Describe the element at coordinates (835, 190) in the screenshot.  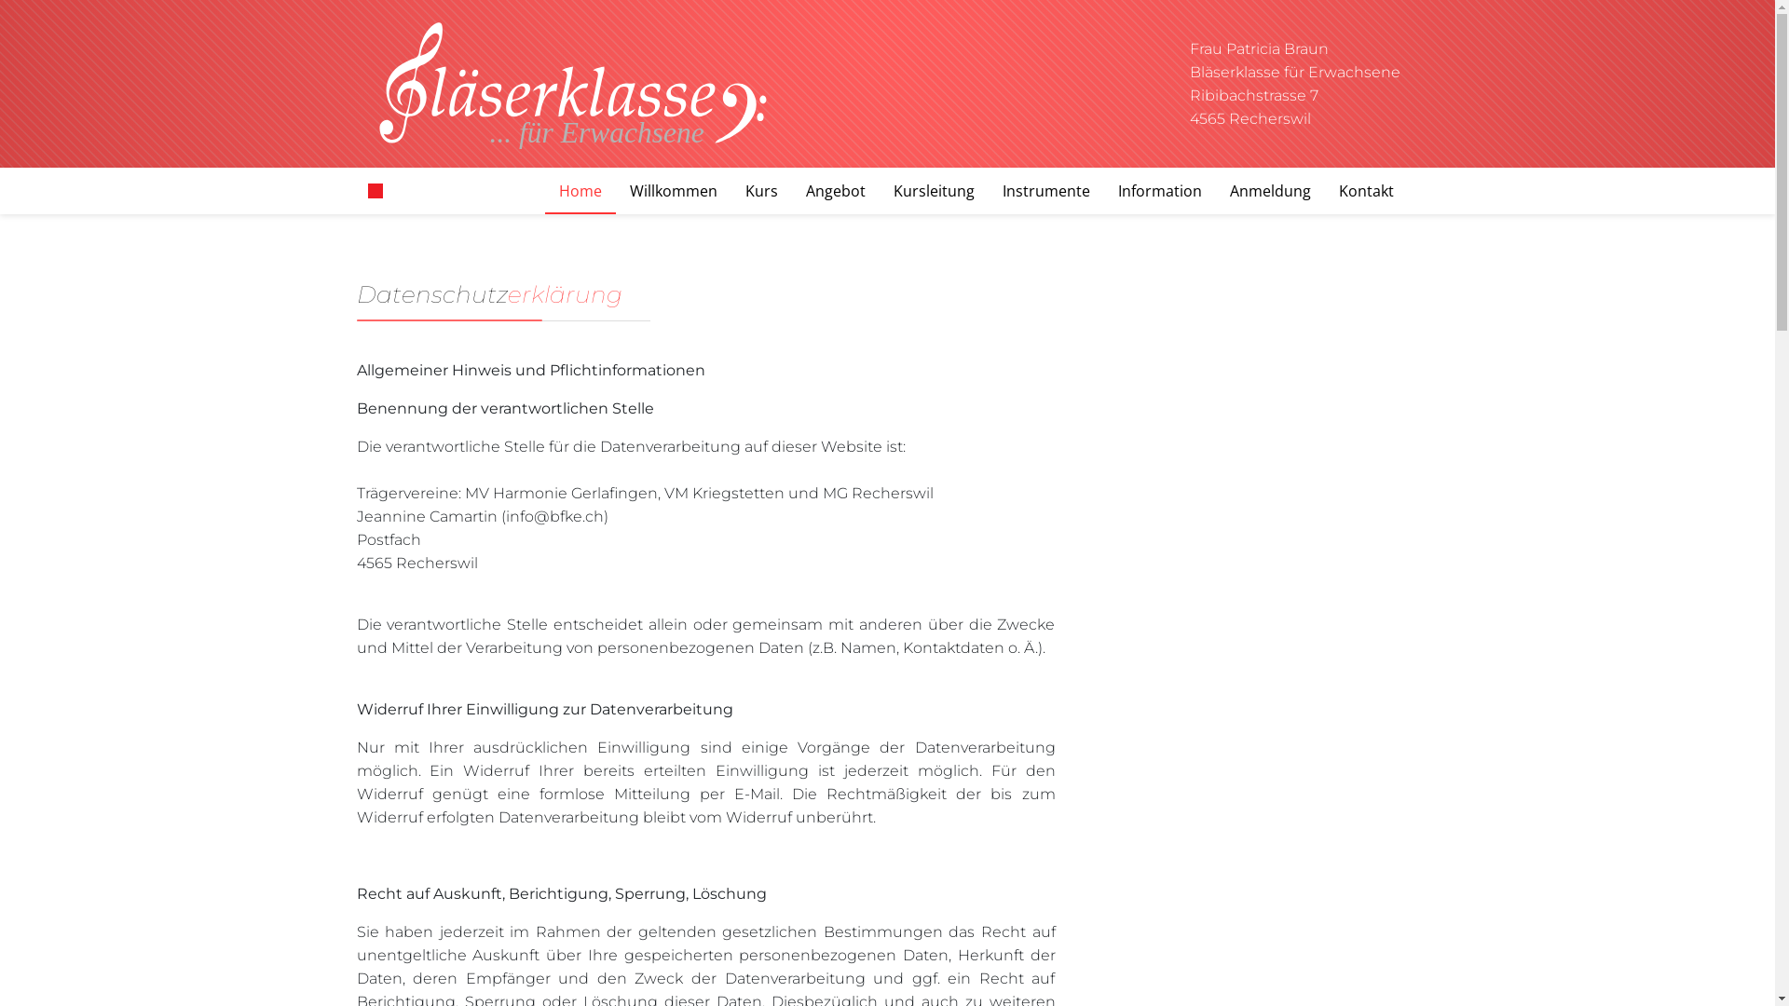
I see `'Angebot'` at that location.